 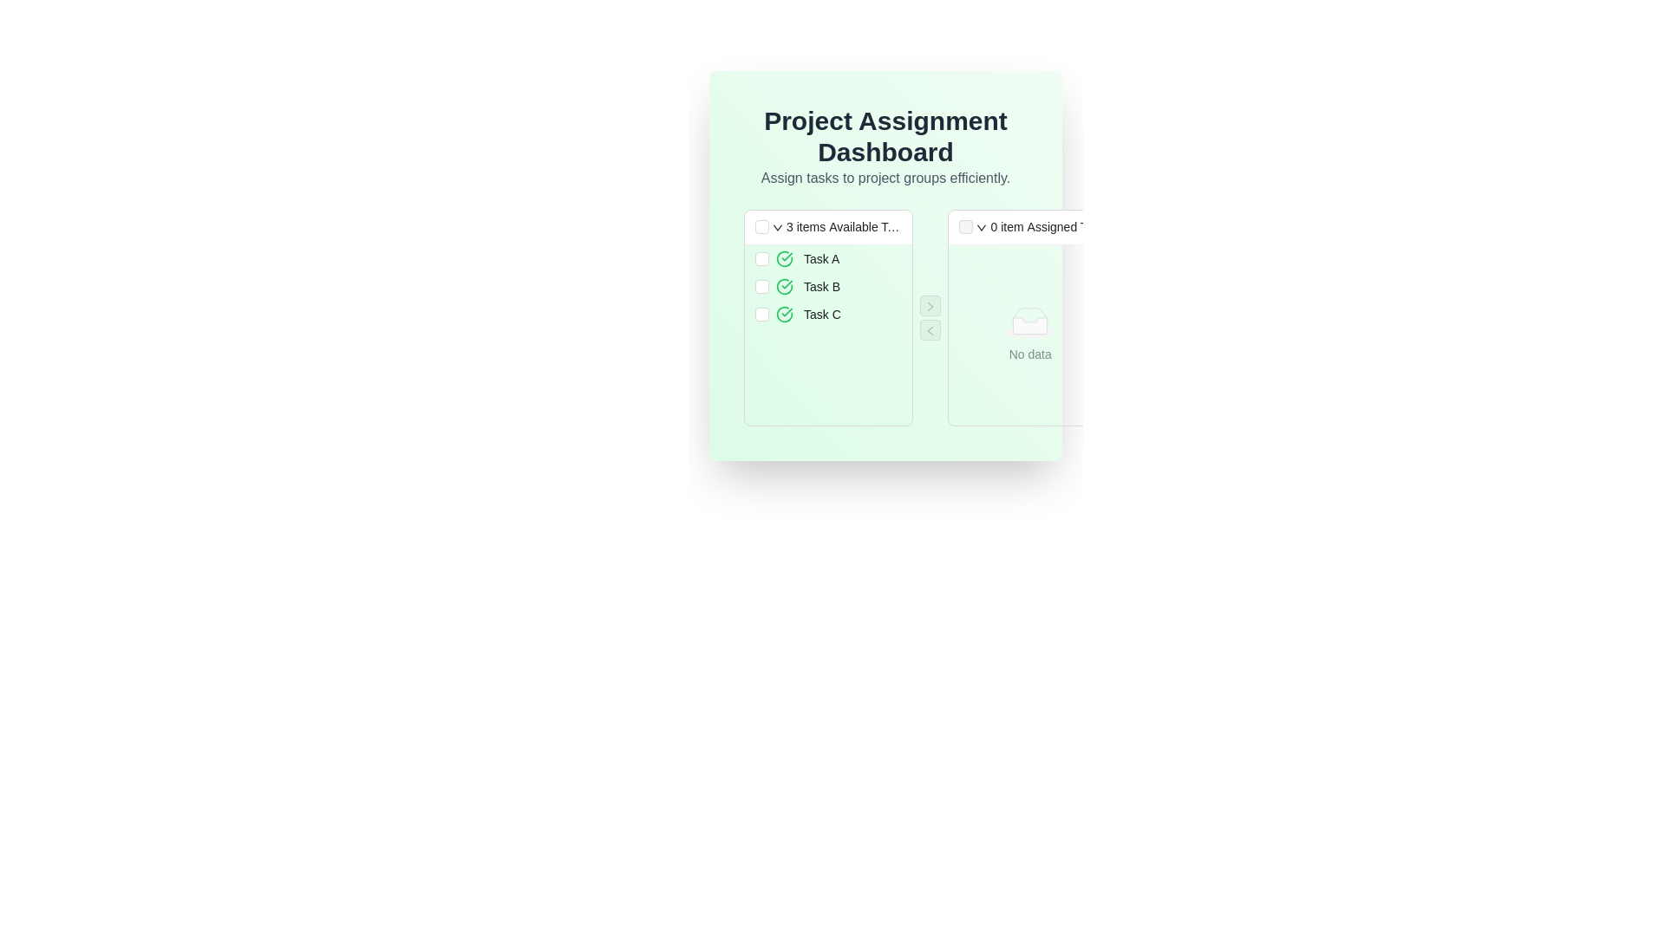 What do you see at coordinates (784, 259) in the screenshot?
I see `the circular graphical icon with a green stroke and checkmark inside, which indicates completion, located within the list entry for 'Task A'` at bounding box center [784, 259].